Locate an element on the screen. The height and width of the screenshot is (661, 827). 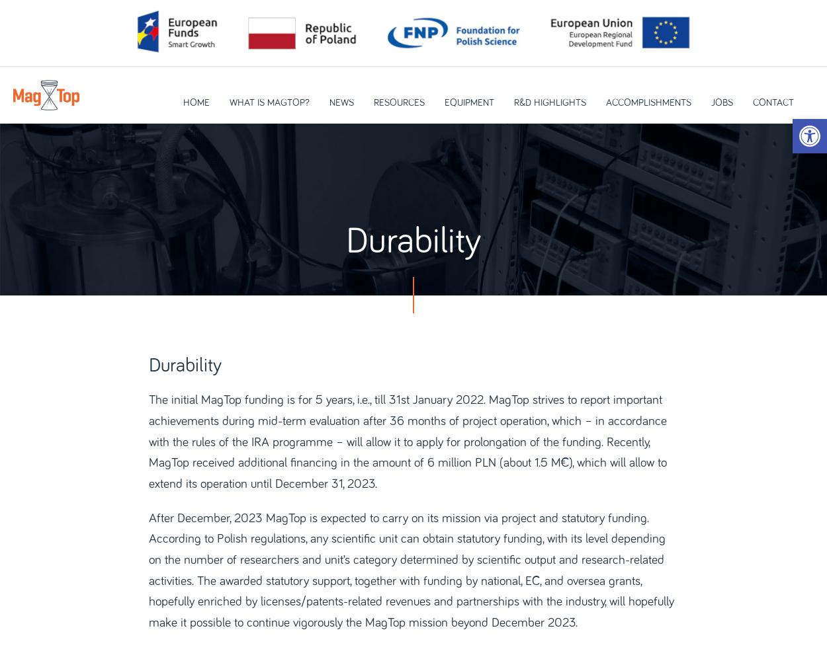
'Jobs' is located at coordinates (720, 102).